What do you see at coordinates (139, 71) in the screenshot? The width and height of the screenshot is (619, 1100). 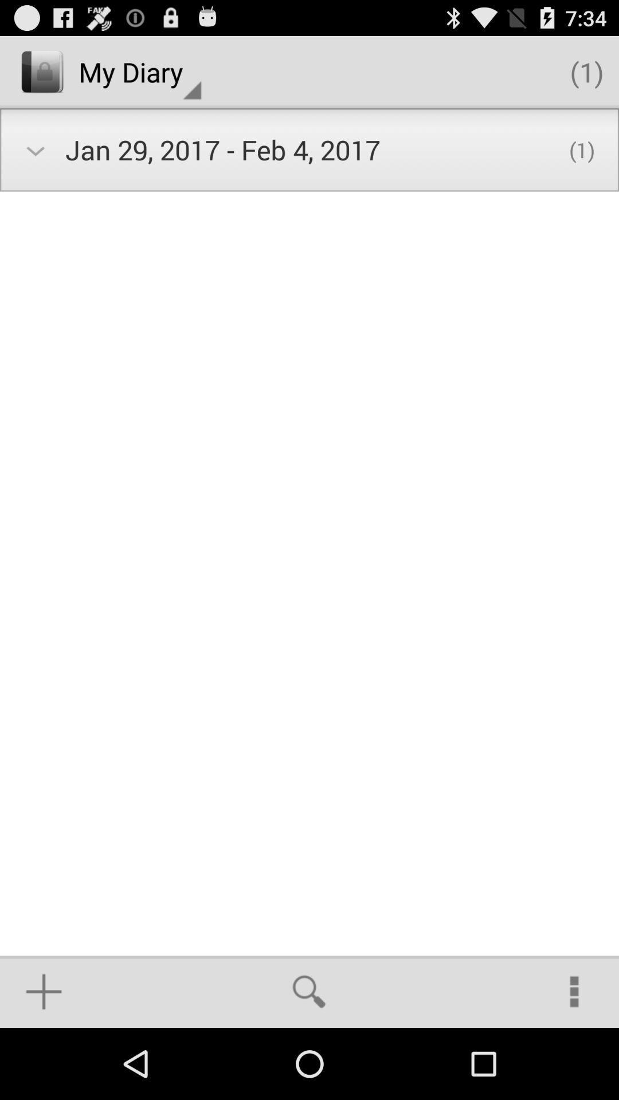 I see `icon above the jan 29 2017` at bounding box center [139, 71].